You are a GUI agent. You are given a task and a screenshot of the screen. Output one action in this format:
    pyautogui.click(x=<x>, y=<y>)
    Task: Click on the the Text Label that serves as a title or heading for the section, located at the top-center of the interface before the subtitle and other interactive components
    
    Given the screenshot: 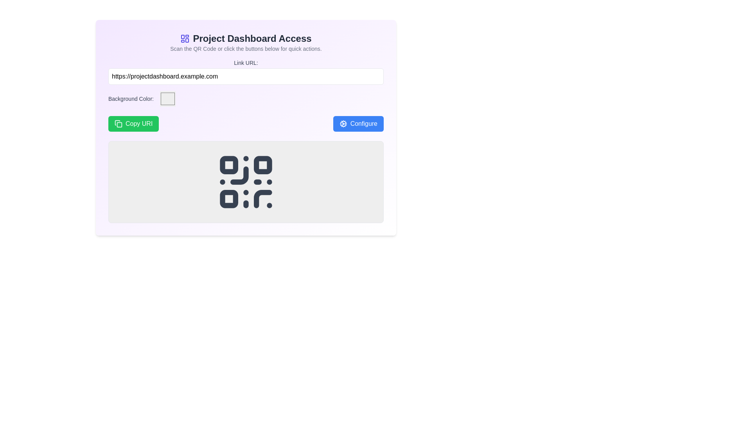 What is the action you would take?
    pyautogui.click(x=245, y=39)
    